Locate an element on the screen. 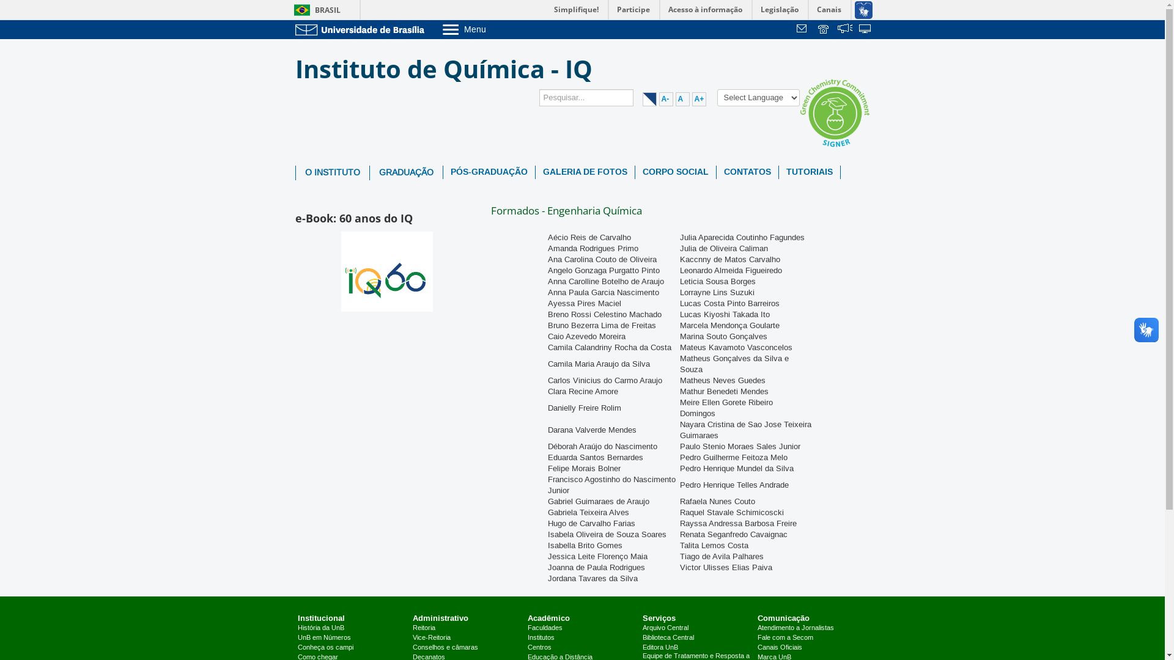  'Fale com a Secom' is located at coordinates (785, 637).